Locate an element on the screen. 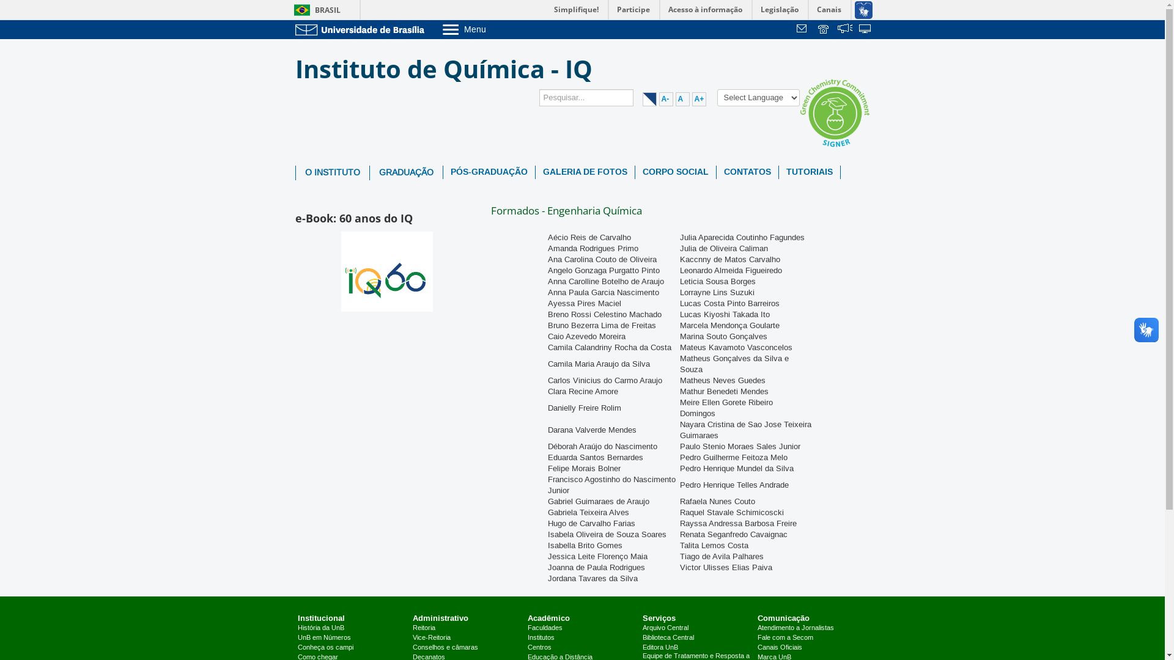  'Fale com a Secom' is located at coordinates (785, 637).